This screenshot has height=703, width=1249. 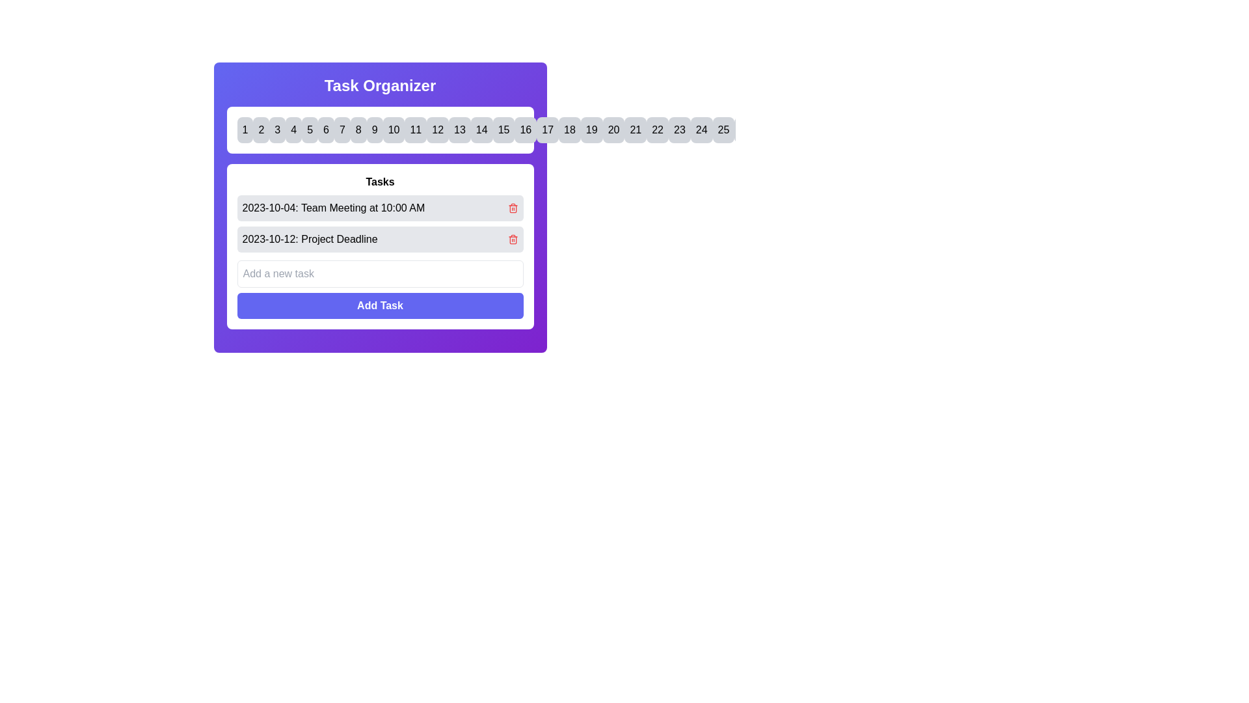 What do you see at coordinates (591, 130) in the screenshot?
I see `the small rectangular button with rounded corners, styled with a light gray background and featuring the black number '19' centered within it, located near the top of the Task Organizer interface` at bounding box center [591, 130].